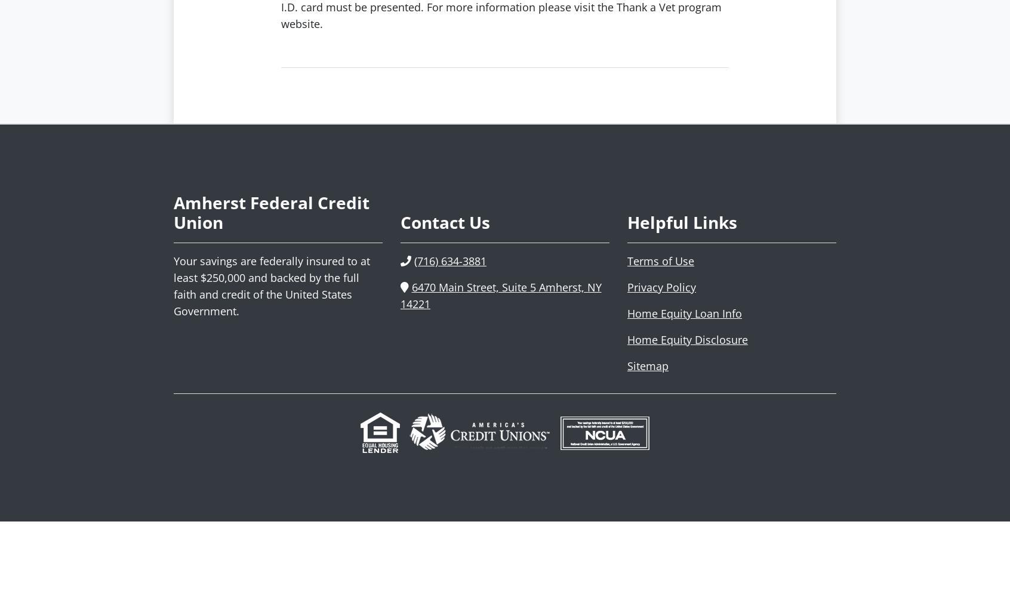  I want to click on 'Home Equity Loan Info', so click(684, 313).